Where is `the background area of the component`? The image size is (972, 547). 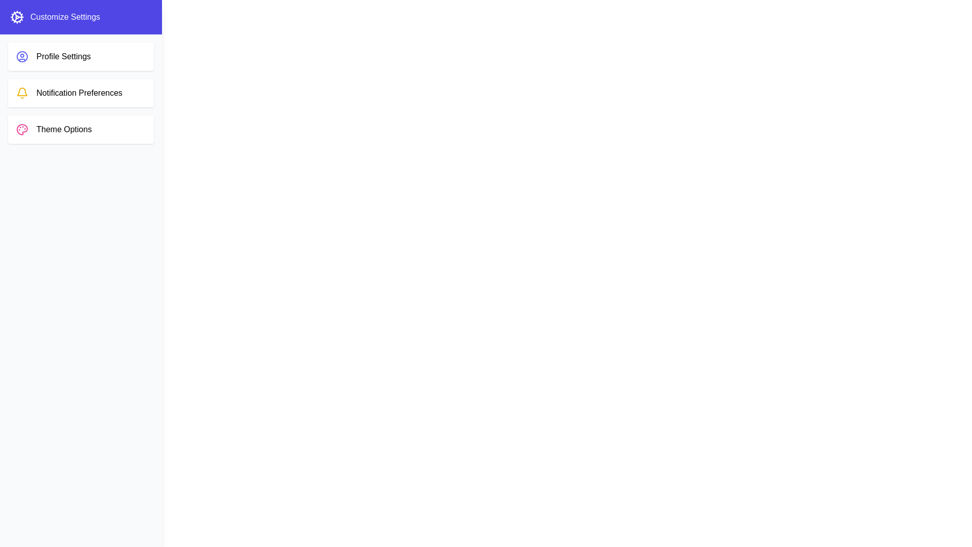
the background area of the component is located at coordinates (253, 253).